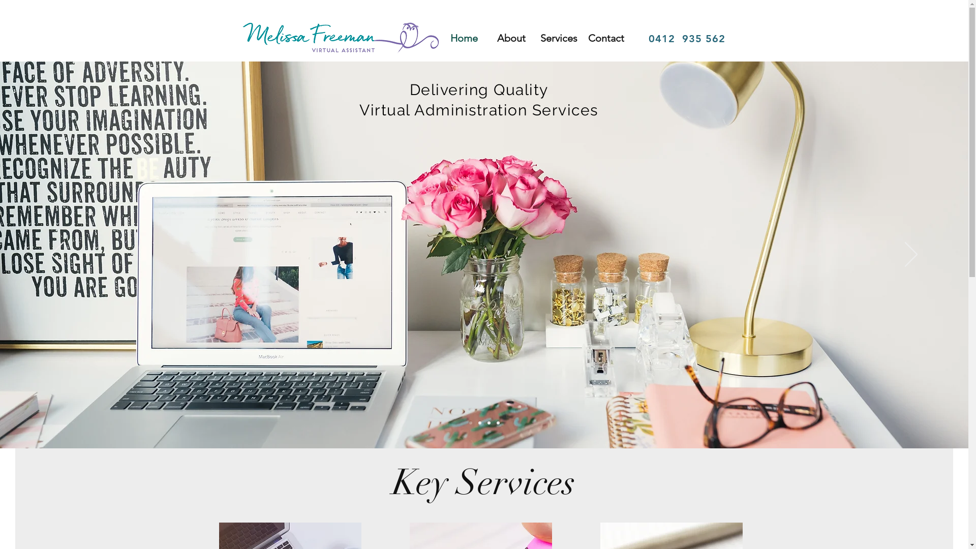 This screenshot has width=976, height=549. What do you see at coordinates (511, 38) in the screenshot?
I see `'About'` at bounding box center [511, 38].